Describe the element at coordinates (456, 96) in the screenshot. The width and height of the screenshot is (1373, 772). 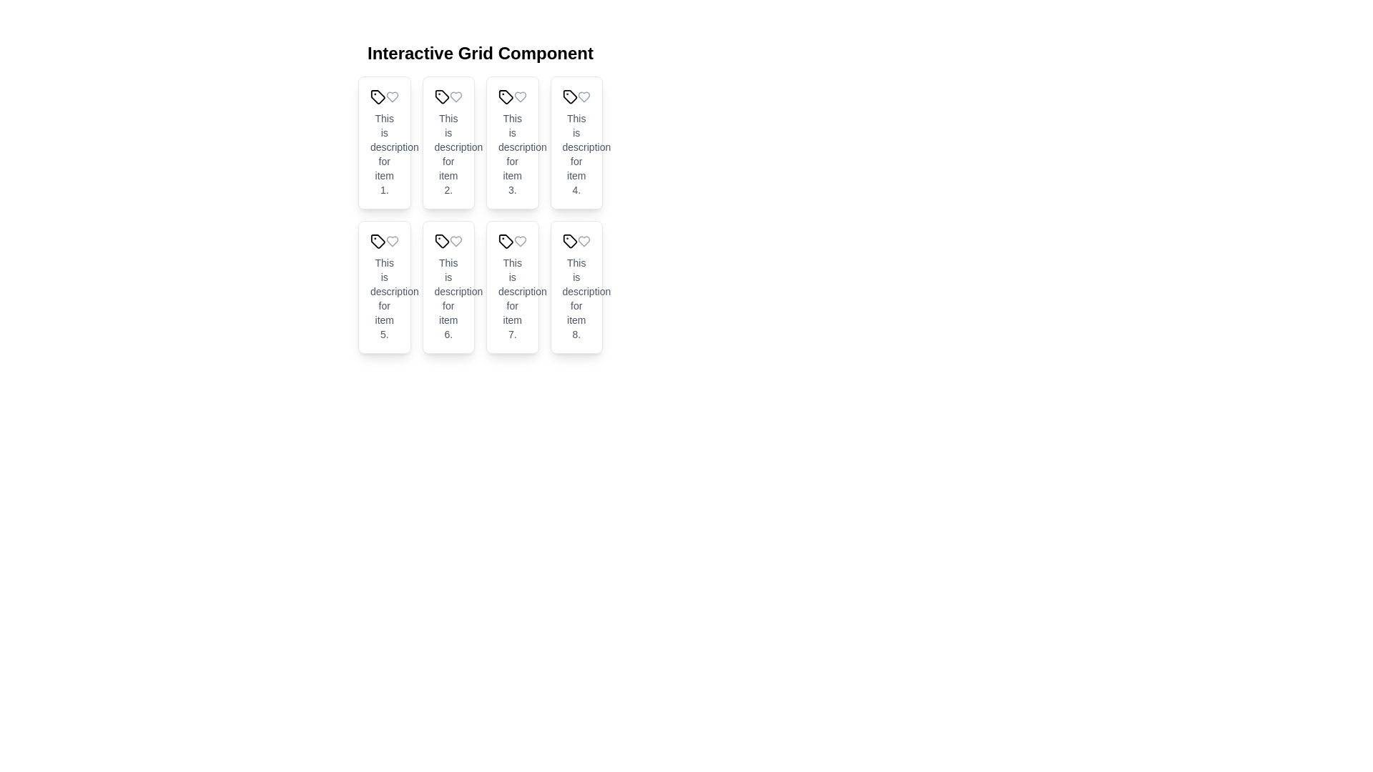
I see `the heart-shaped icon styled with a thin stroke and hollow interior, positioned in the second column of the top row of the grid layout` at that location.